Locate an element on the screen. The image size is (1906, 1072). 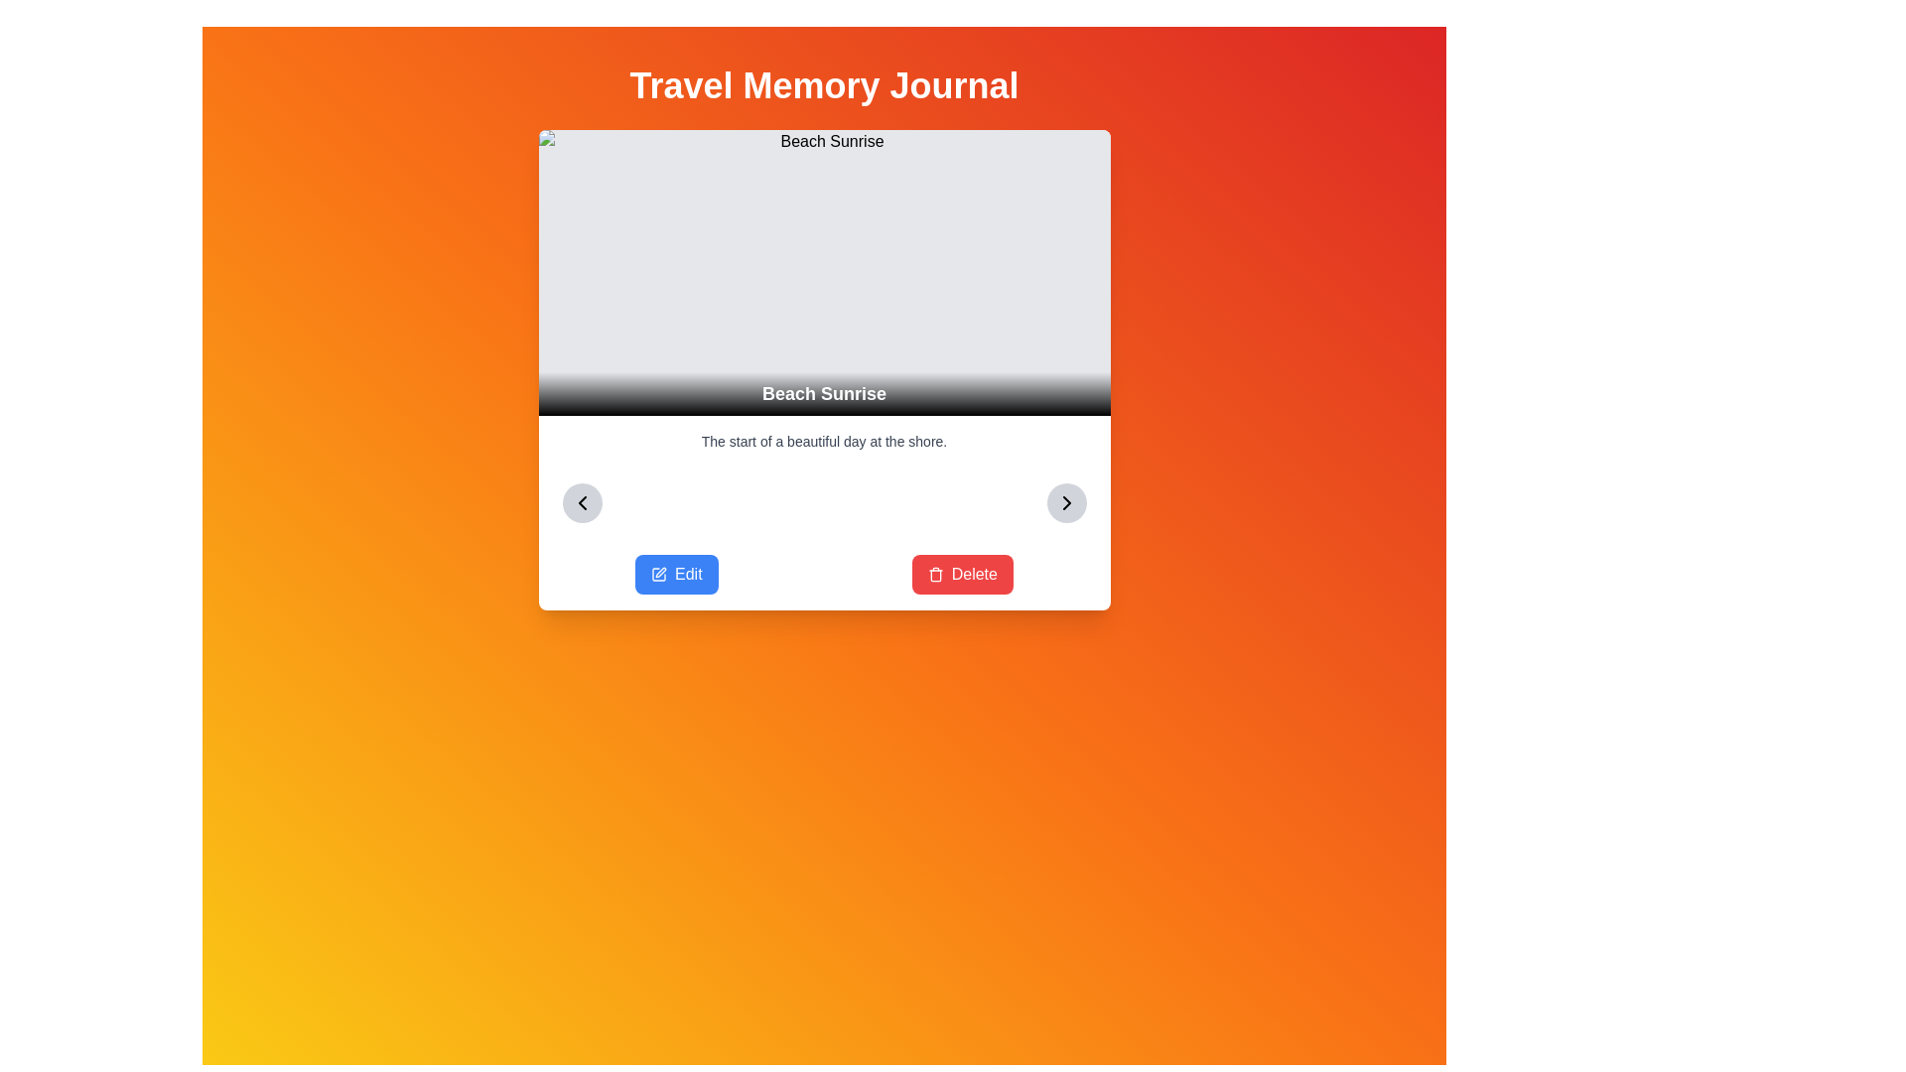
the left arrow icon button with a light gray background to trigger the hover effect is located at coordinates (581, 501).